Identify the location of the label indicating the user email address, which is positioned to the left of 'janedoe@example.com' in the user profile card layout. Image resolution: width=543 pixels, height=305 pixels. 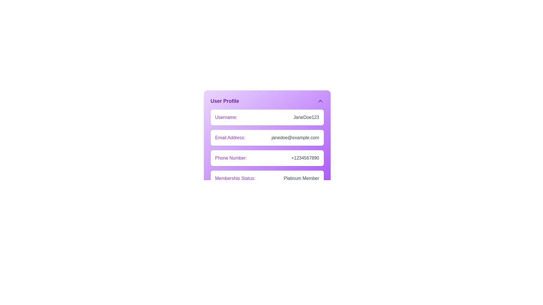
(230, 138).